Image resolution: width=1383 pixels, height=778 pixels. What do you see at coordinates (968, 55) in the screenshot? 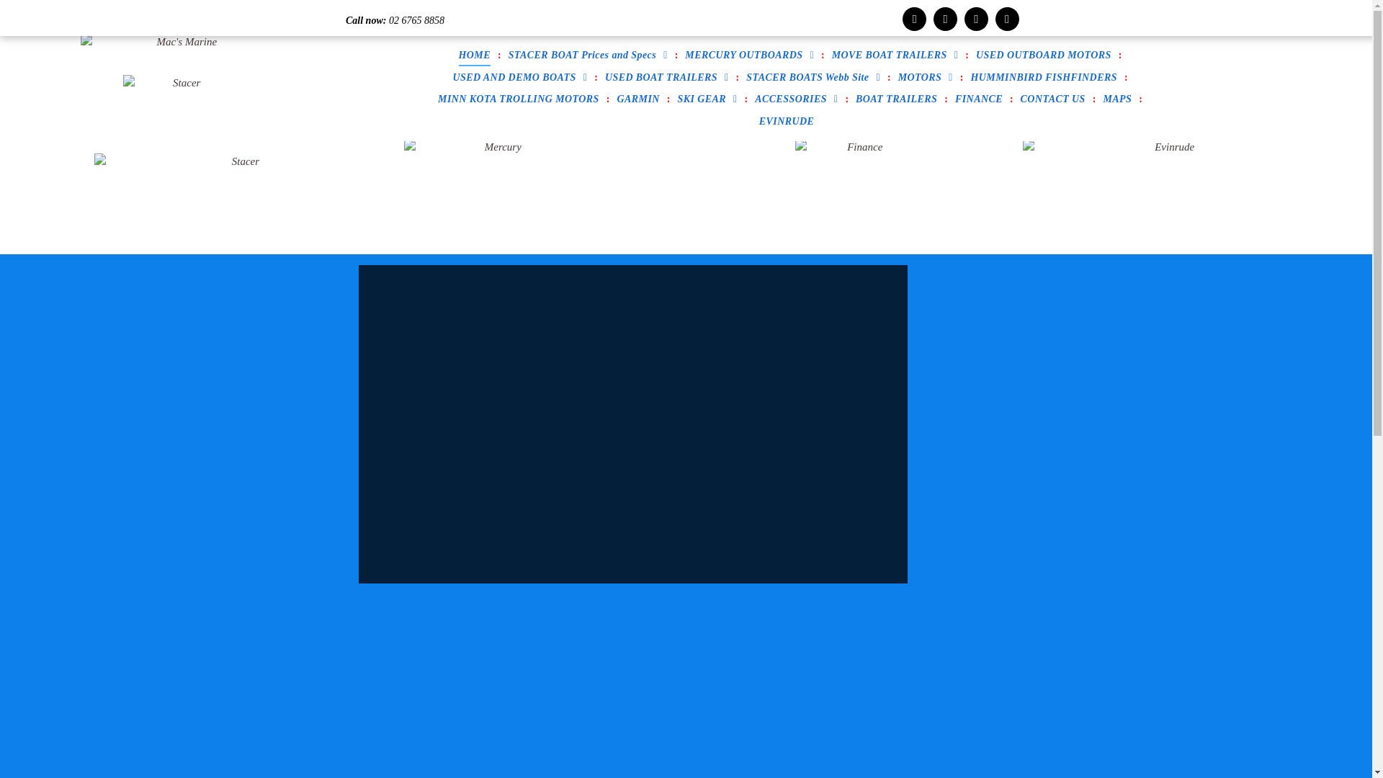
I see `'USED OUTBOARD MOTORS'` at bounding box center [968, 55].